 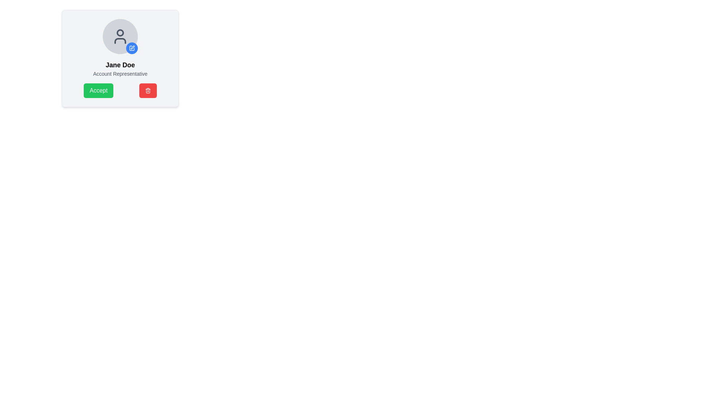 What do you see at coordinates (147, 90) in the screenshot?
I see `the red square button with a white trash can icon, located to the right of the 'Accept' button in the profile information card` at bounding box center [147, 90].